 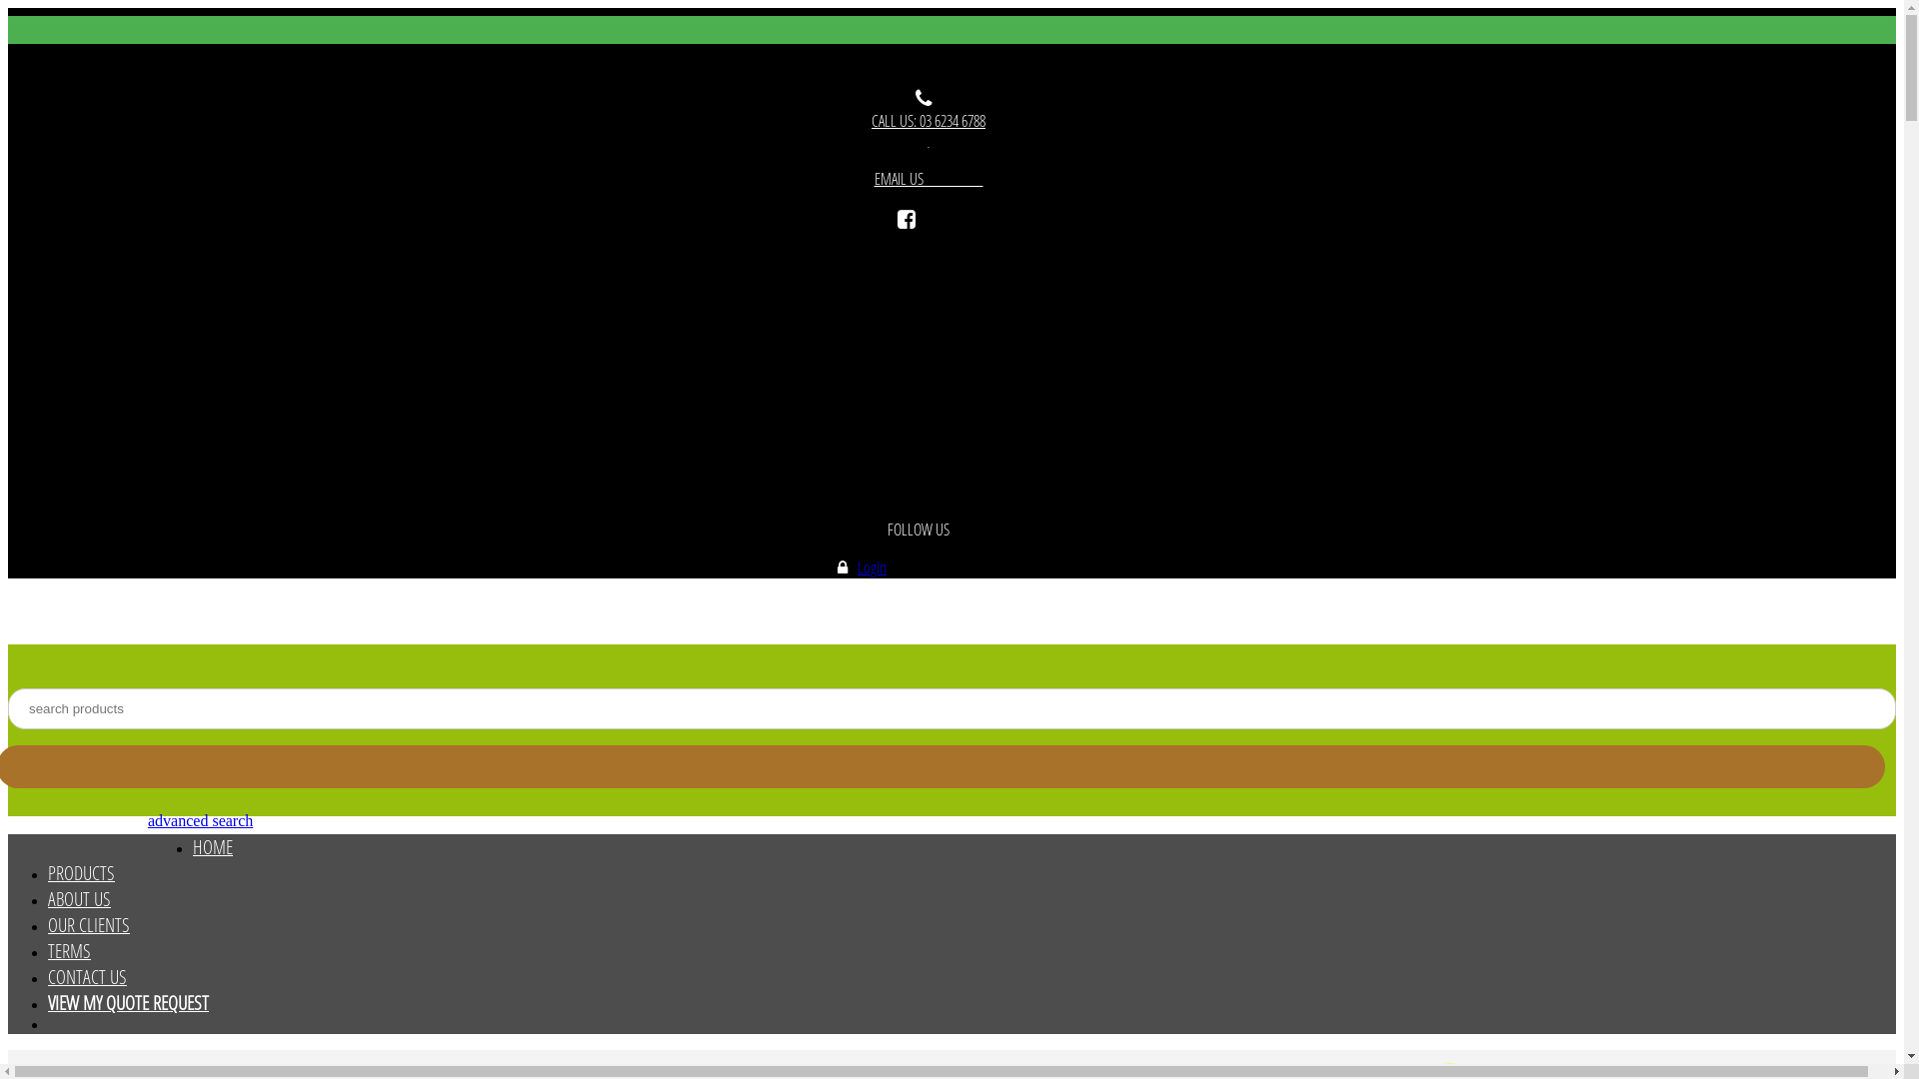 I want to click on 'HOME', so click(x=212, y=847).